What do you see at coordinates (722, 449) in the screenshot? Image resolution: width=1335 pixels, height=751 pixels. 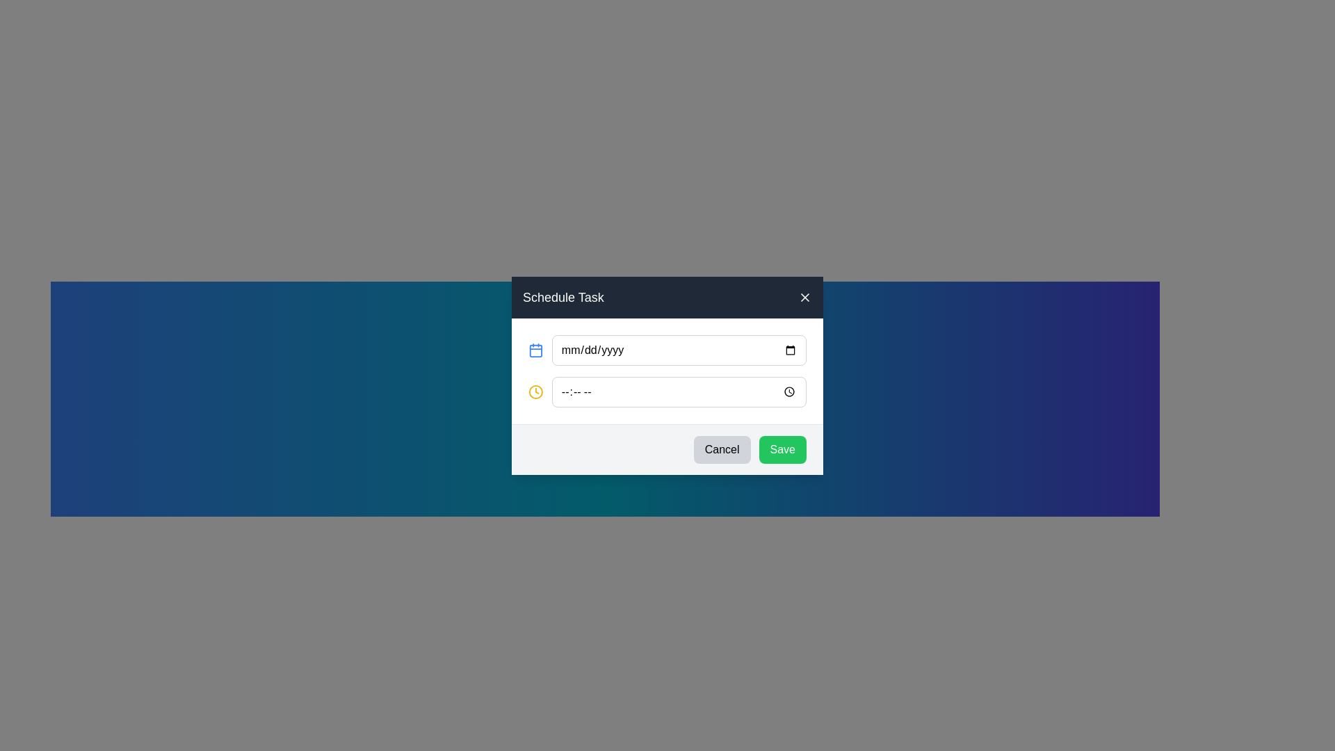 I see `the cancellation button in the modal footer to highlight it for keyboard interaction, located at the bottom-right corner of the modal, left of the 'Save' button` at bounding box center [722, 449].